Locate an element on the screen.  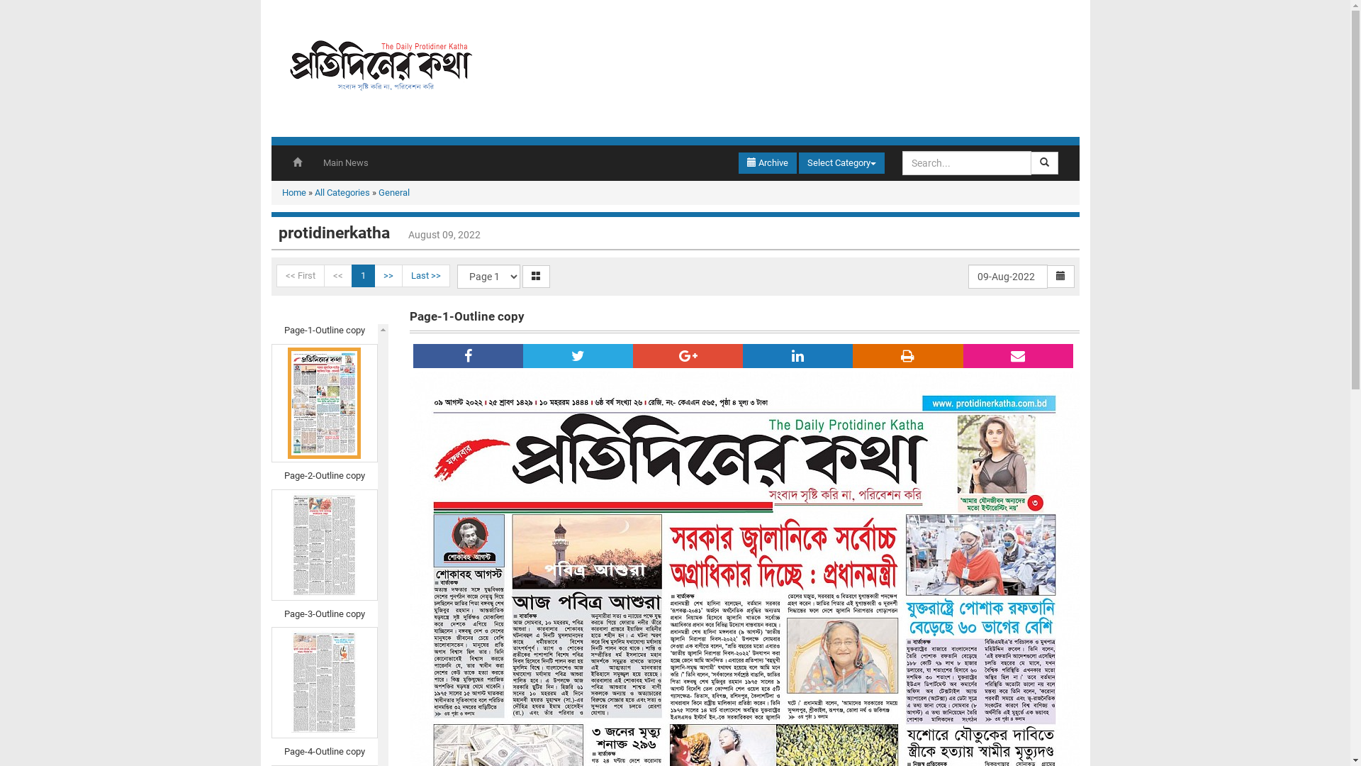
'Select Category' is located at coordinates (798, 162).